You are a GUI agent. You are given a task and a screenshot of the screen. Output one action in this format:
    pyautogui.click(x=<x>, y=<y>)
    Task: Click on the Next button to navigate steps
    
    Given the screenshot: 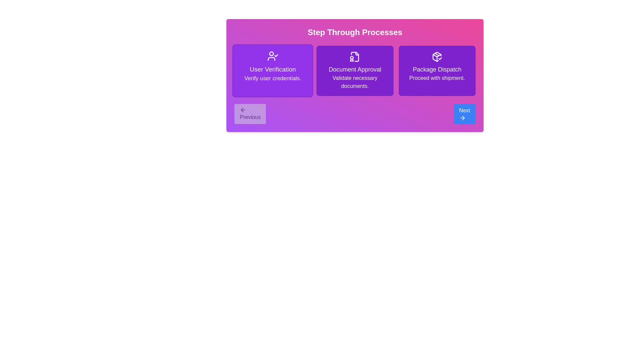 What is the action you would take?
    pyautogui.click(x=464, y=113)
    